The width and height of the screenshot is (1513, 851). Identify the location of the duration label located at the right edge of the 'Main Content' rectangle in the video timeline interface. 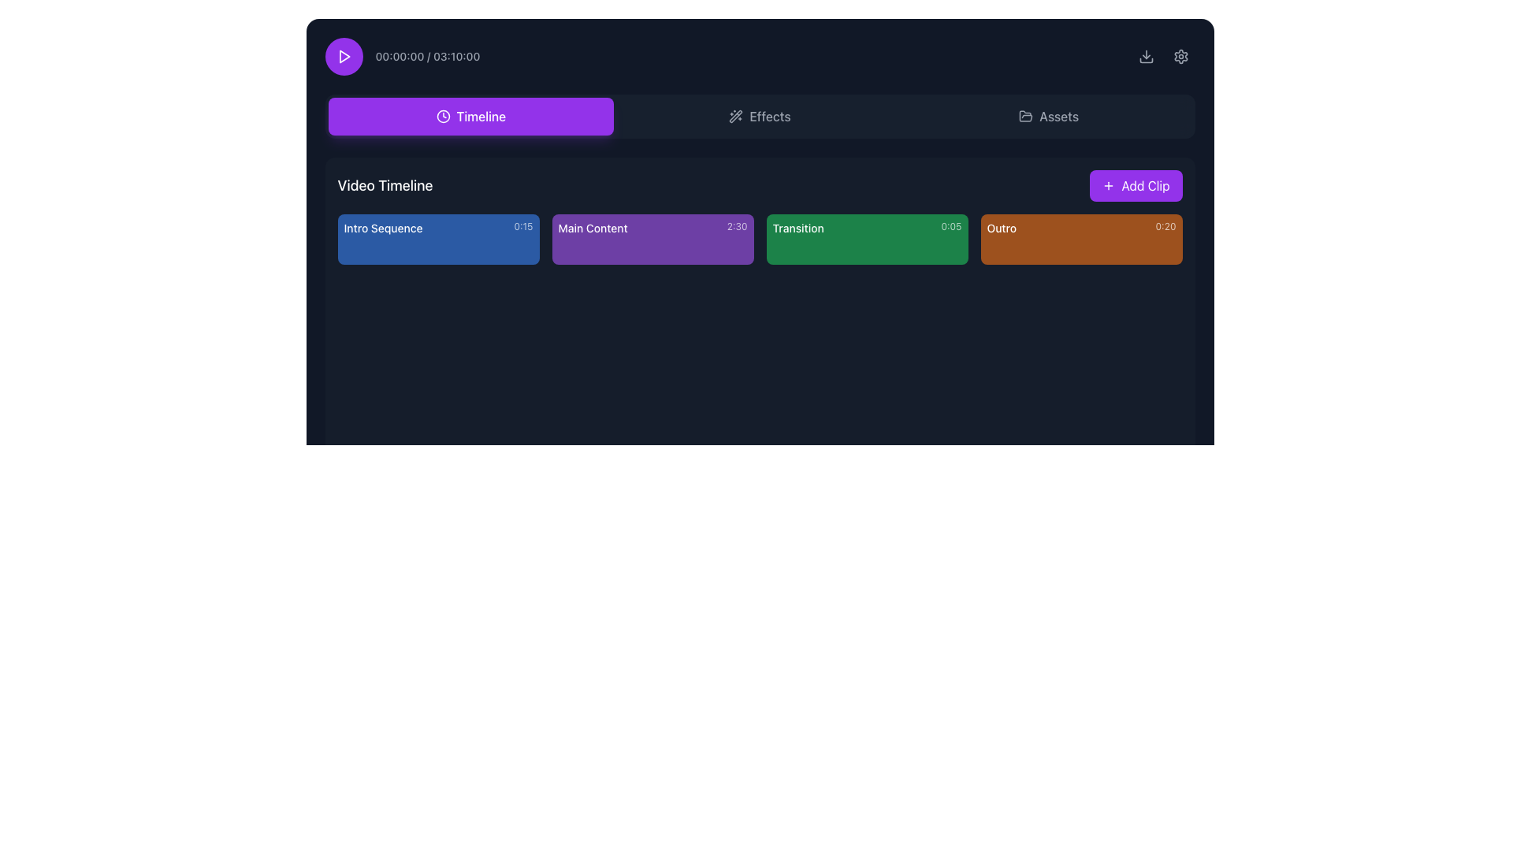
(736, 227).